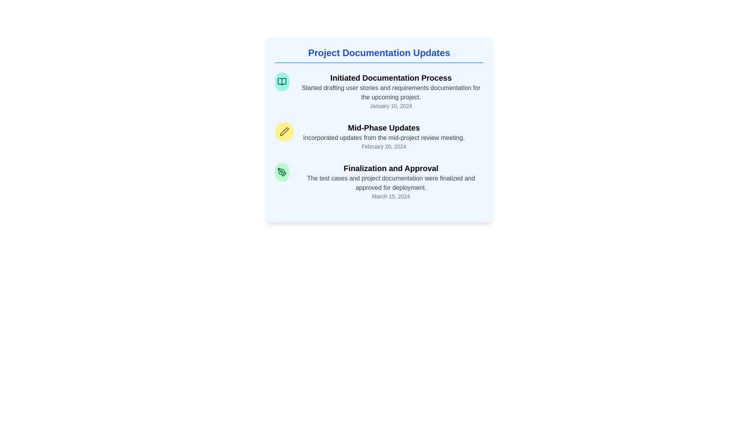 Image resolution: width=749 pixels, height=421 pixels. What do you see at coordinates (384, 127) in the screenshot?
I see `the text label displaying 'Mid-Phase Updates', which is a large, bold heading positioned centrally within its card-like section, located between the sections labeled 'Initiated Documentation Process' and 'Finalization and Approval'` at bounding box center [384, 127].